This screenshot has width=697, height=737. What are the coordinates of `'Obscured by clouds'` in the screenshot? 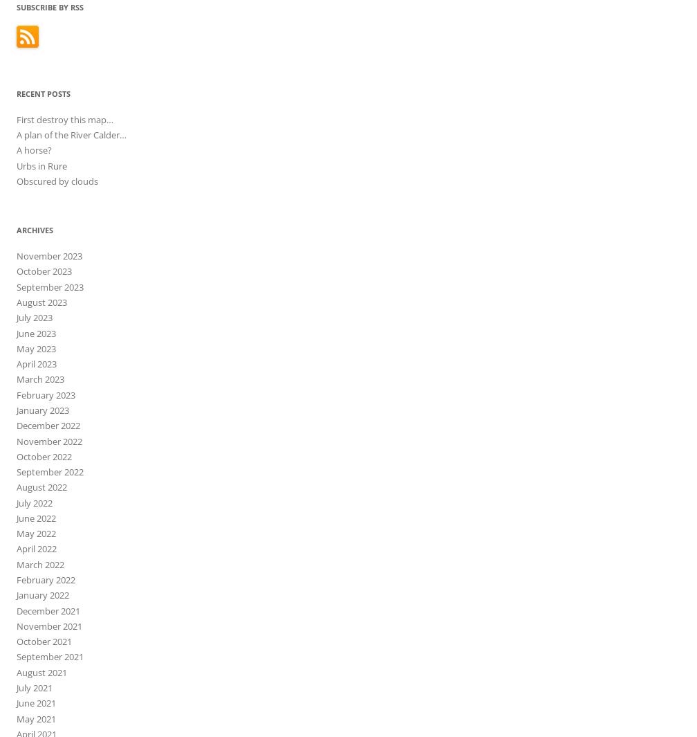 It's located at (57, 180).